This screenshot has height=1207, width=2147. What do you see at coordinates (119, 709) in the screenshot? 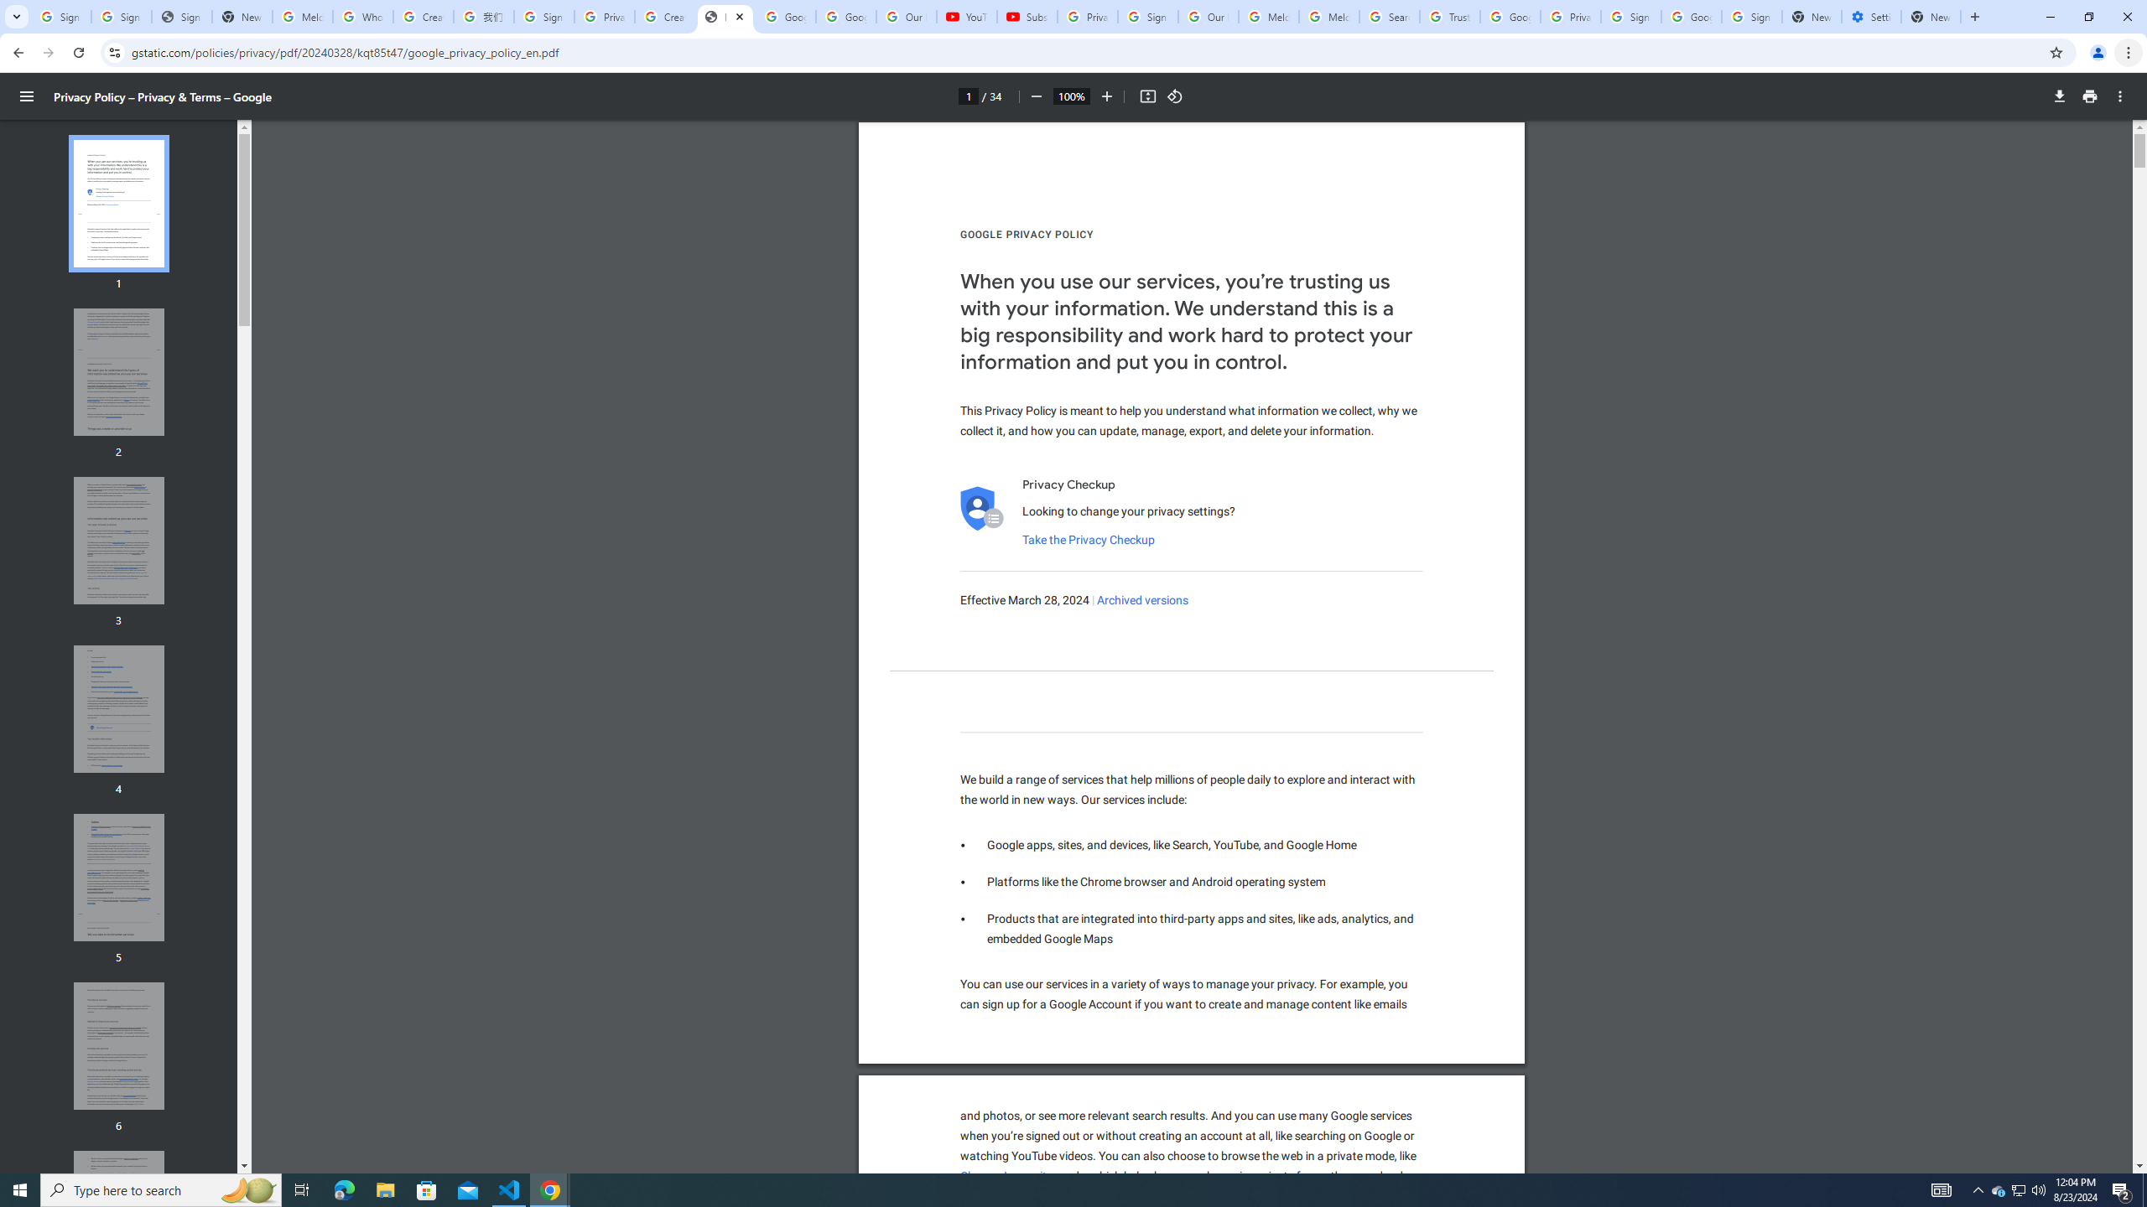
I see `'Thumbnail for page 4'` at bounding box center [119, 709].